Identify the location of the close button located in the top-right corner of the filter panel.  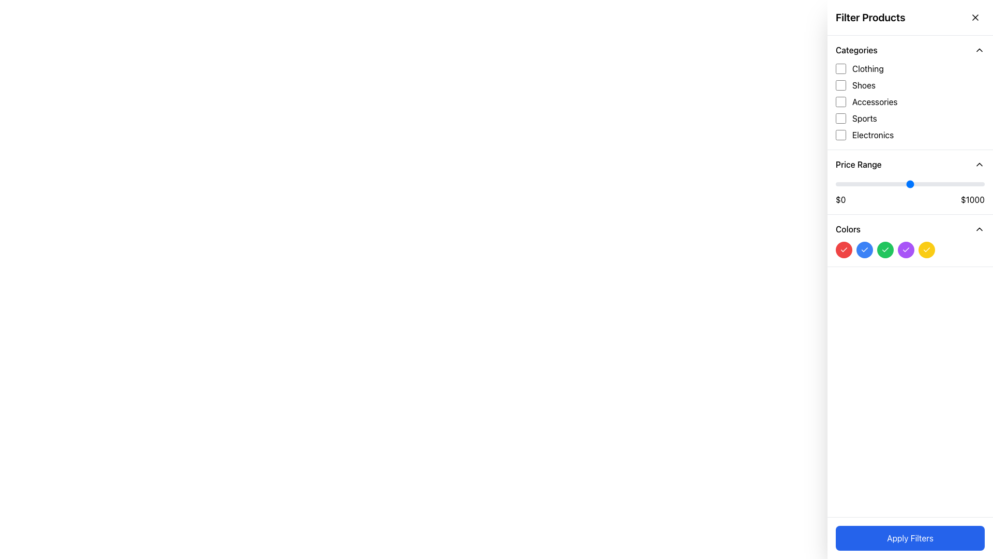
(975, 18).